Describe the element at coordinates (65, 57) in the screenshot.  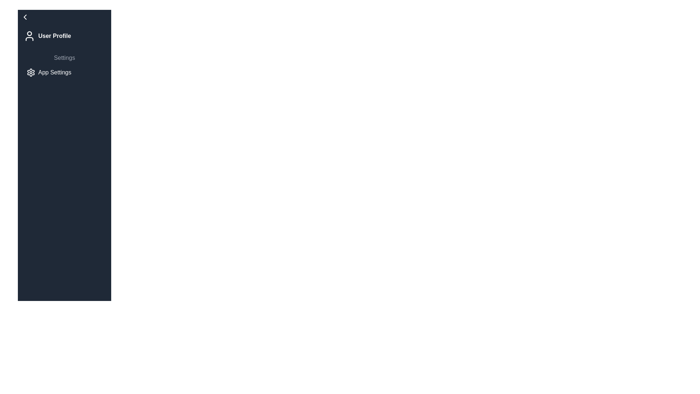
I see `the Text Label that signifies a section or category related to settings in the navigation menu, positioned below the 'User Profile' label` at that location.